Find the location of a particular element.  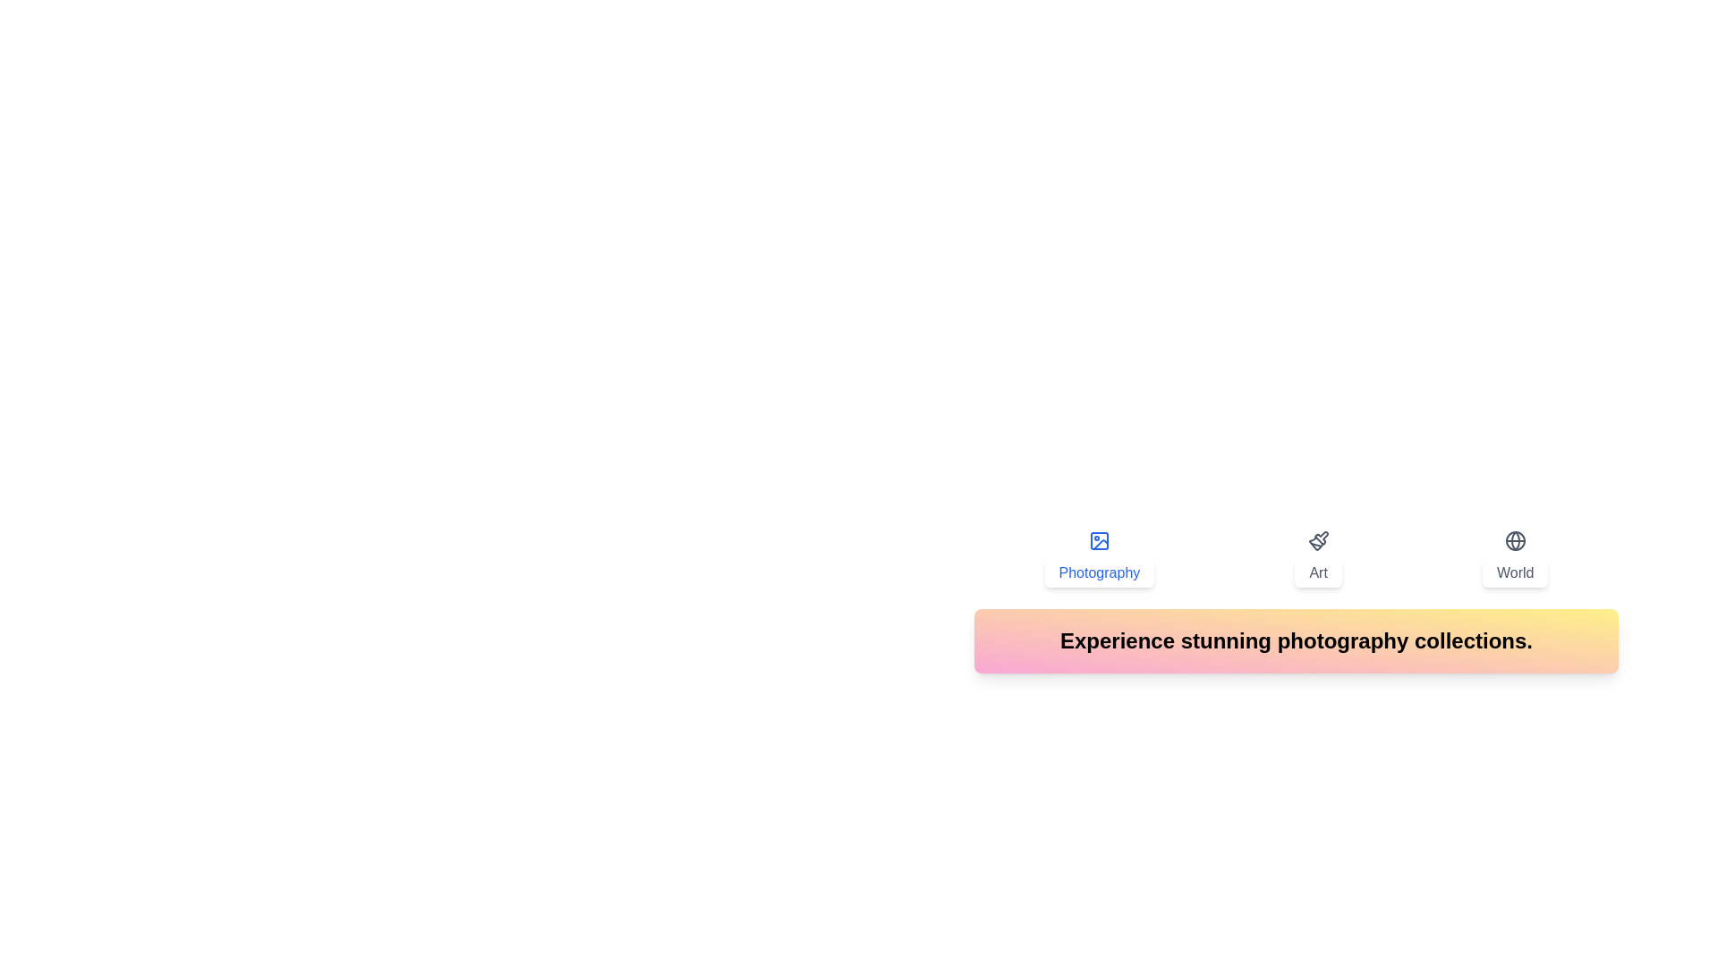

the World tab to activate it is located at coordinates (1514, 557).